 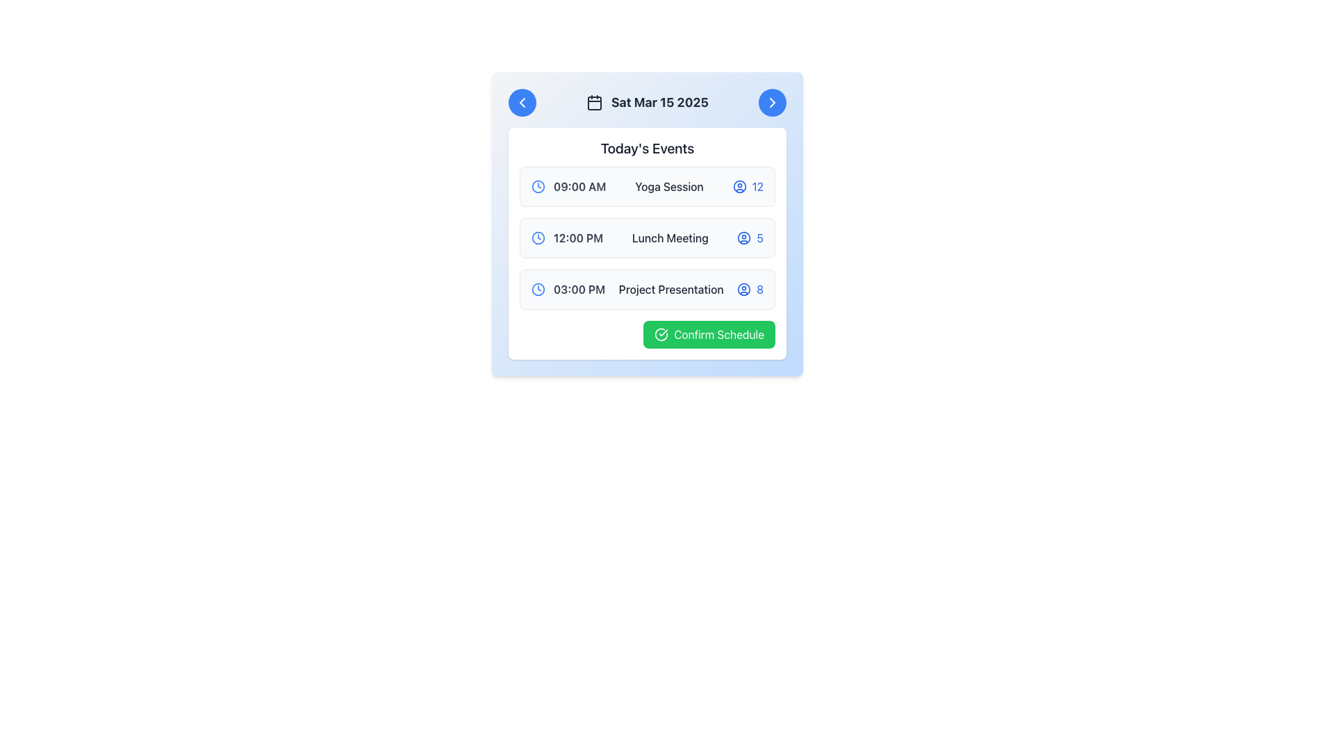 I want to click on the numeric text indicator displaying '12', which is located next to a user icon in the first event card, indicating participant count for the 'Yoga Session', so click(x=747, y=186).